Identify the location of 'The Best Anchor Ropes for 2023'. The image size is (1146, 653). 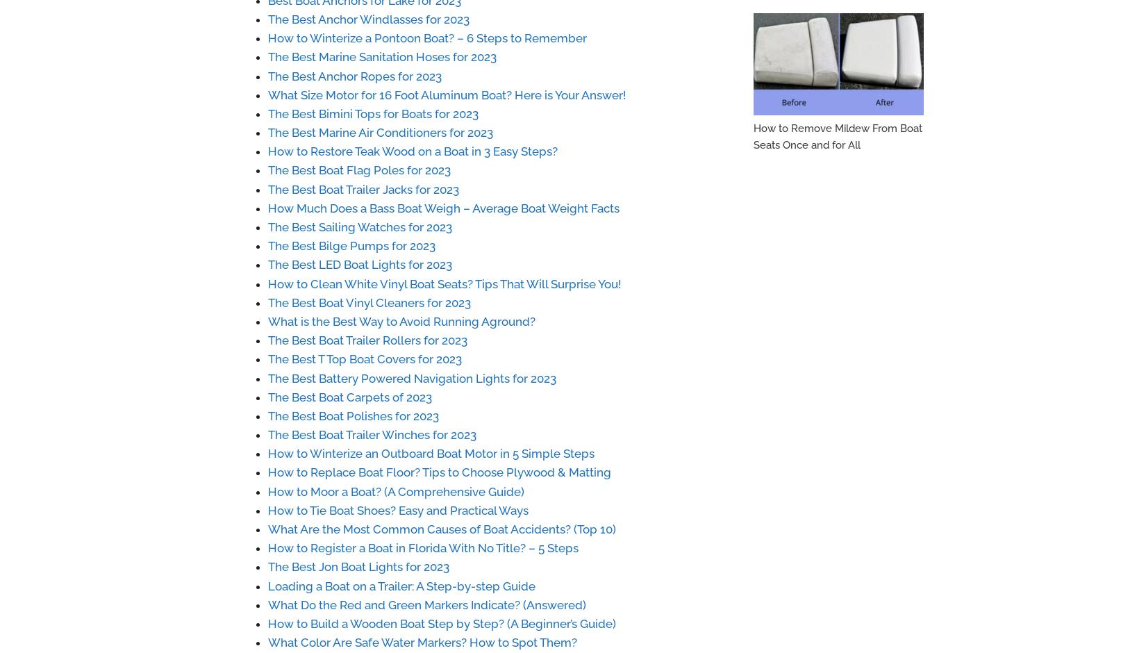
(354, 76).